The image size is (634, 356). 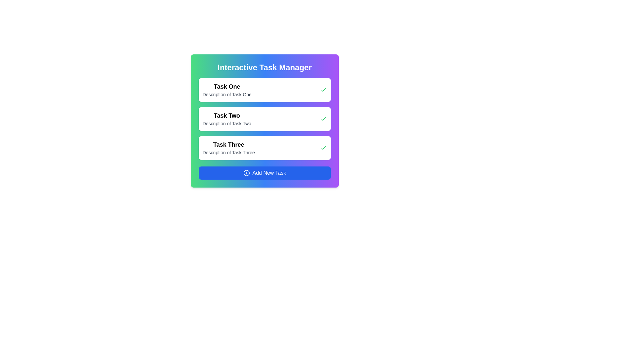 I want to click on the 'Add New Task' button located at the bottom of the Interactive Task Manager card to observe hover effects, so click(x=264, y=172).